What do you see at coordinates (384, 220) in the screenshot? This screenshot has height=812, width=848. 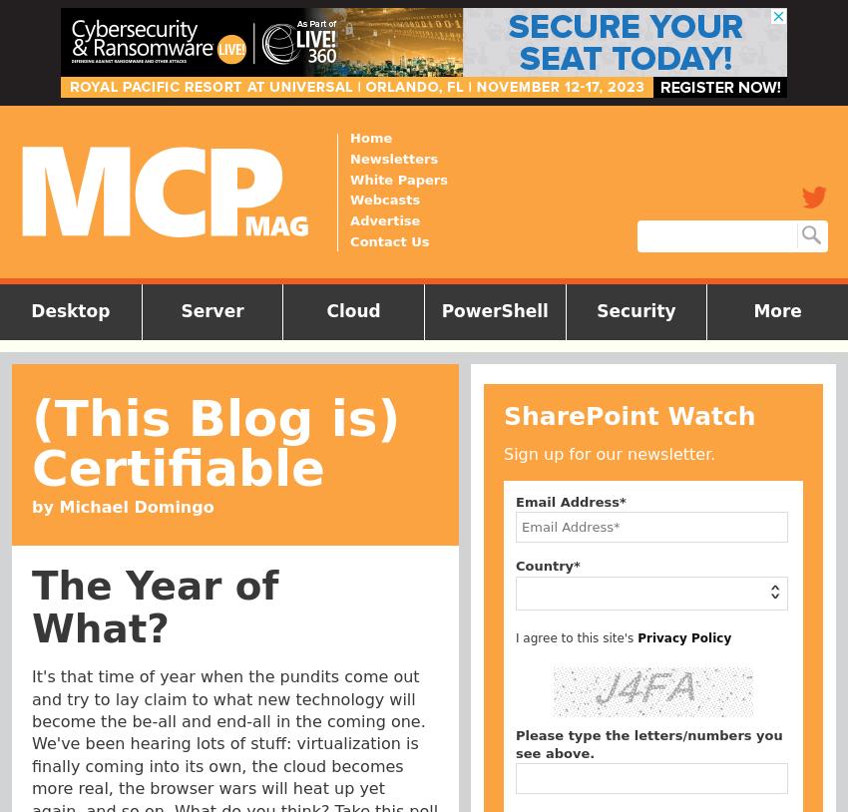 I see `'Advertise'` at bounding box center [384, 220].